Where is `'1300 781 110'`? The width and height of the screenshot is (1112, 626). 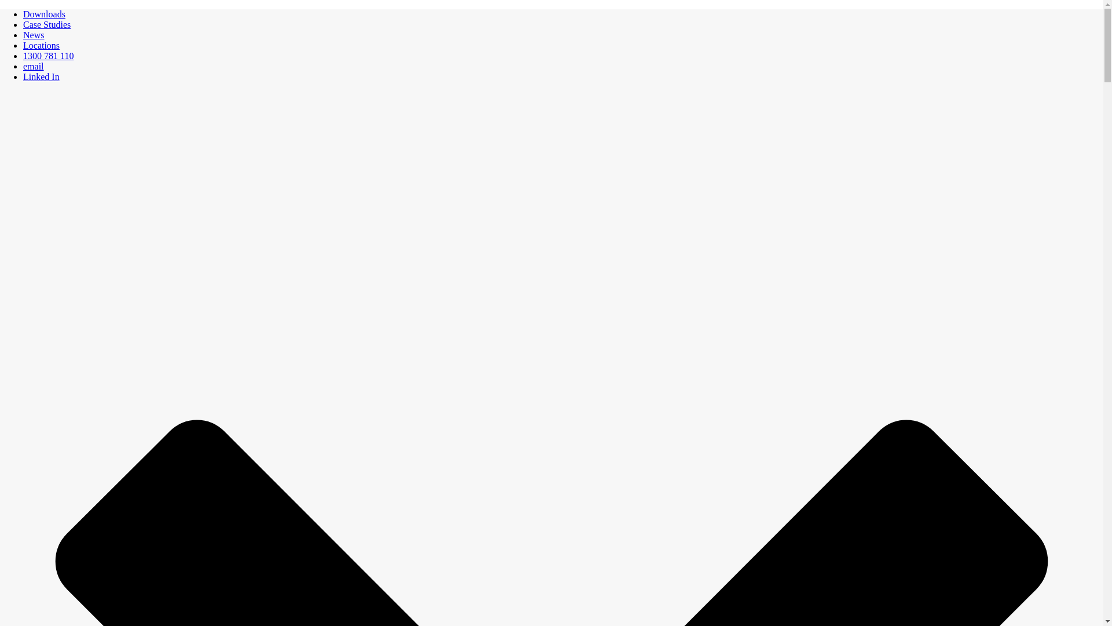 '1300 781 110' is located at coordinates (47, 56).